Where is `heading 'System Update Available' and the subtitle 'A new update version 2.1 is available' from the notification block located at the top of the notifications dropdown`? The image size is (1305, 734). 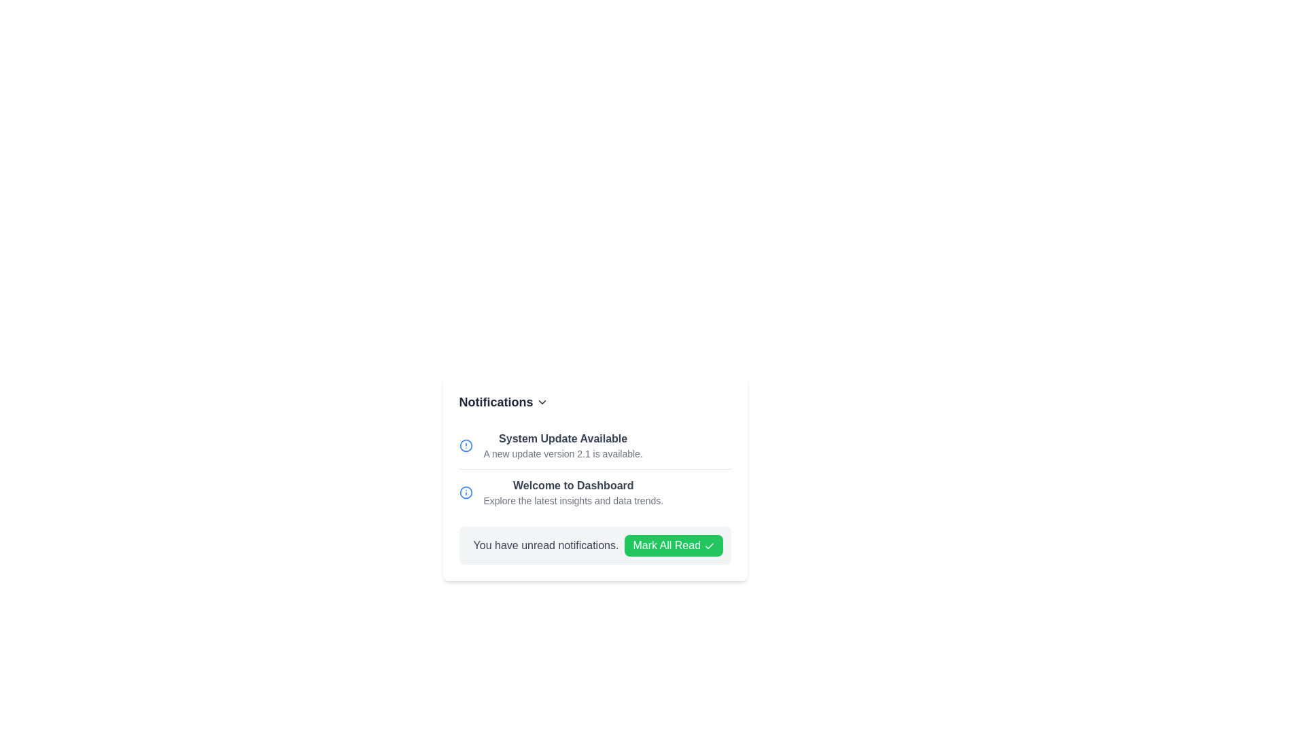
heading 'System Update Available' and the subtitle 'A new update version 2.1 is available' from the notification block located at the top of the notifications dropdown is located at coordinates (563, 445).